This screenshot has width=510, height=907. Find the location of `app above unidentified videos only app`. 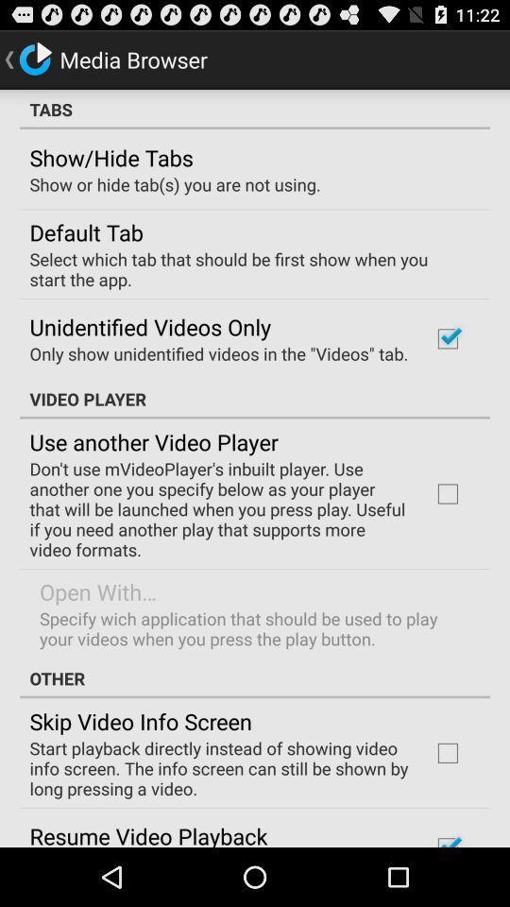

app above unidentified videos only app is located at coordinates (248, 267).